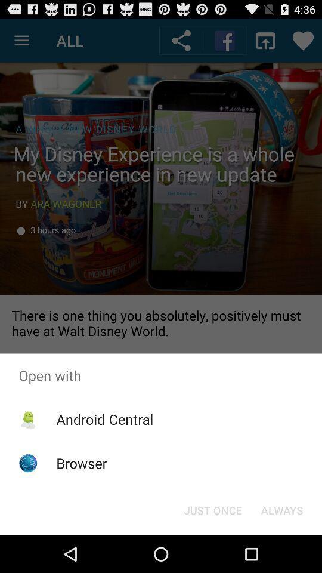 The height and width of the screenshot is (573, 322). I want to click on item below the open with icon, so click(281, 509).